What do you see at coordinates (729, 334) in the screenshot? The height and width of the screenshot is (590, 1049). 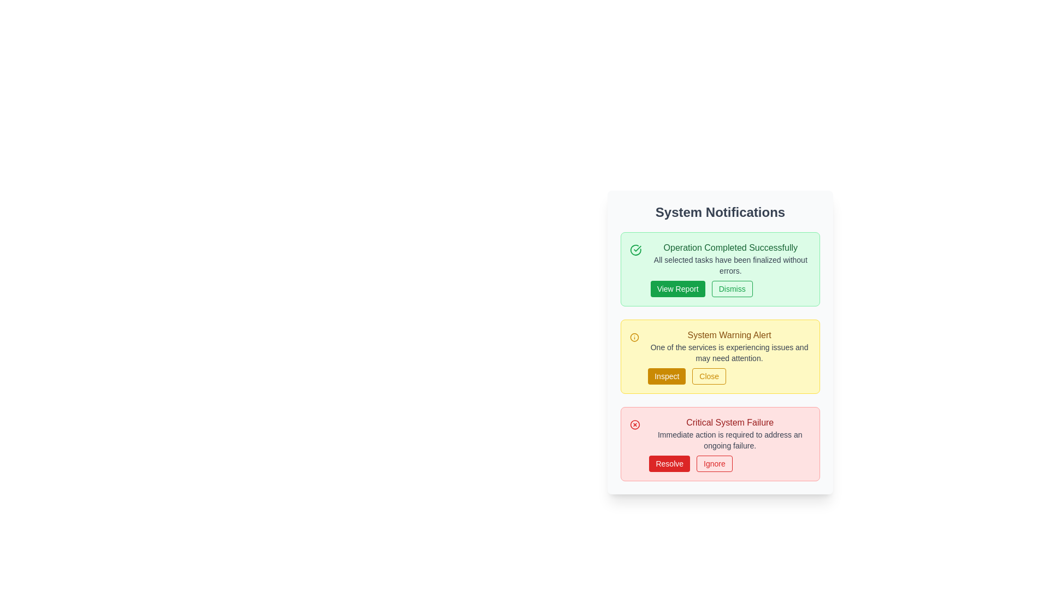 I see `the static text label that serves as the title for the warning notification in the second yellow notification card within the 'System Notifications' panel` at bounding box center [729, 334].